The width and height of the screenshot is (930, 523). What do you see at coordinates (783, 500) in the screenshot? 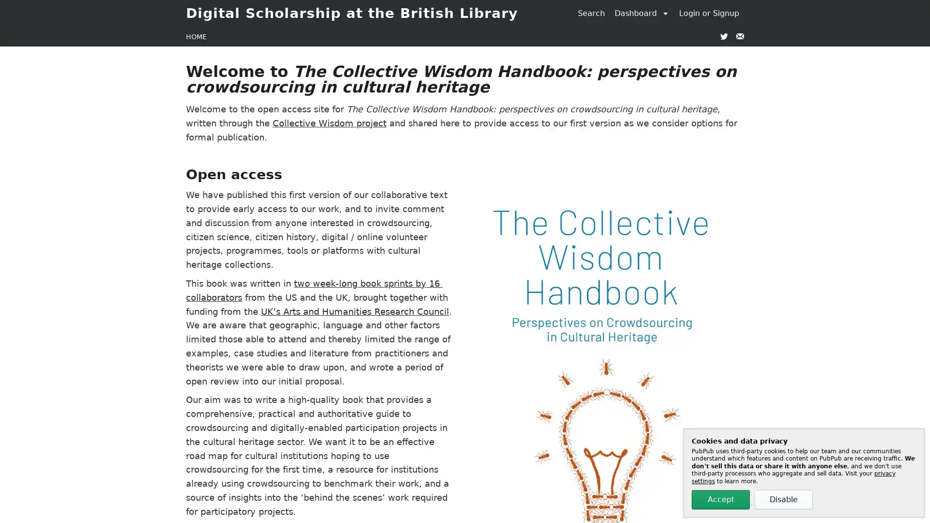
I see `Disable` at bounding box center [783, 500].